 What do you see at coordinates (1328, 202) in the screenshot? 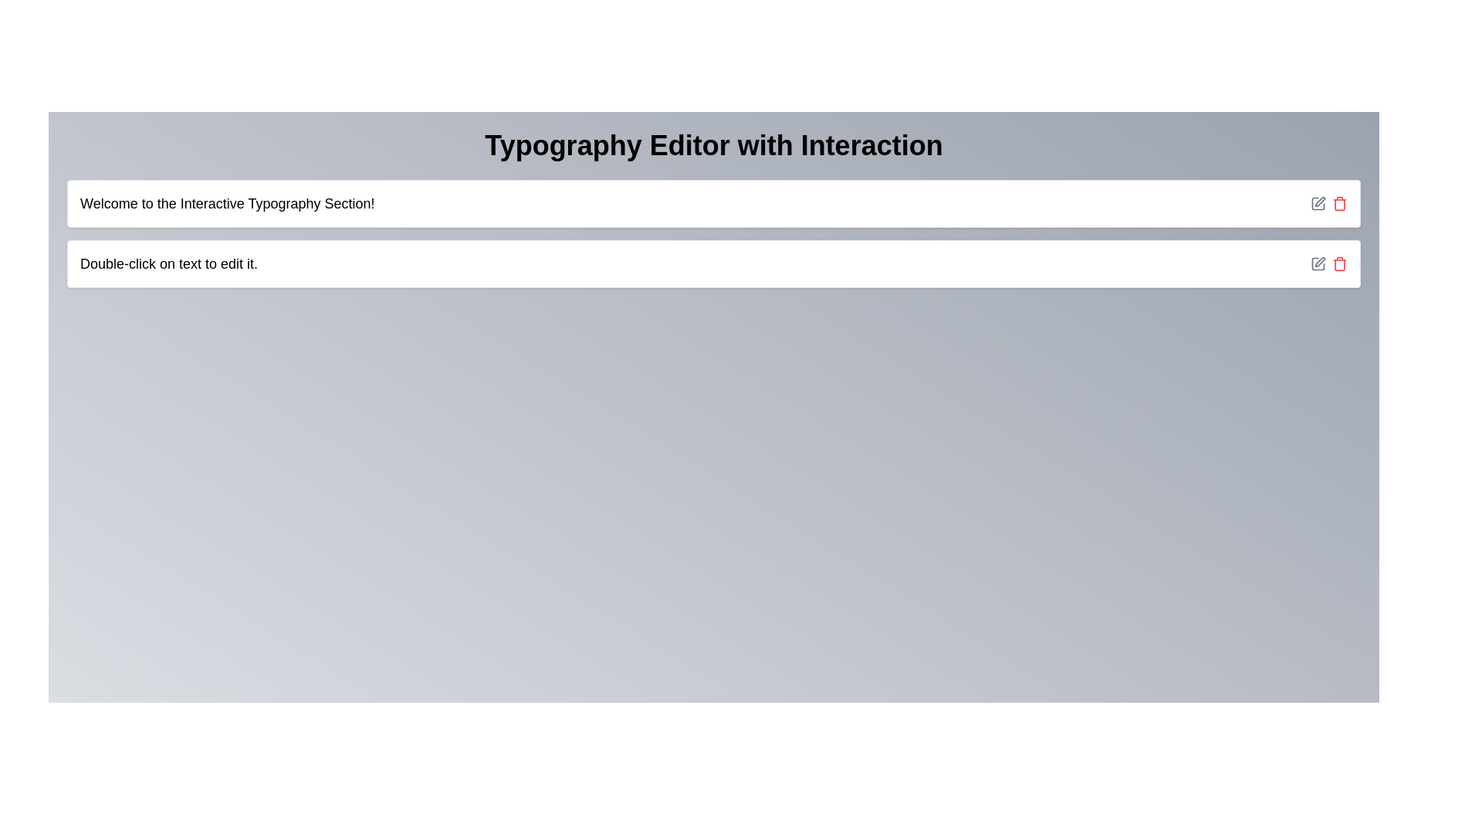
I see `the pencil icon located in the icon group at the top right corner of the white content area, which symbolizes editing` at bounding box center [1328, 202].